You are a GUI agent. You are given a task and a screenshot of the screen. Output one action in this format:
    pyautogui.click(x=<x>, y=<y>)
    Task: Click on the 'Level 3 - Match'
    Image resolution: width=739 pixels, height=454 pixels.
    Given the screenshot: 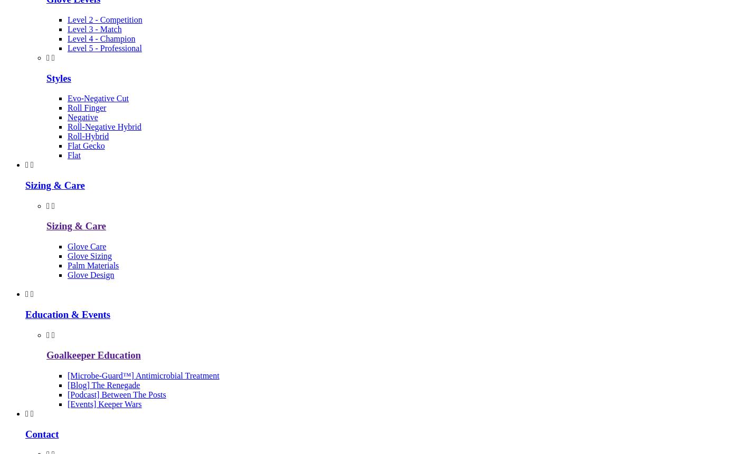 What is the action you would take?
    pyautogui.click(x=67, y=28)
    